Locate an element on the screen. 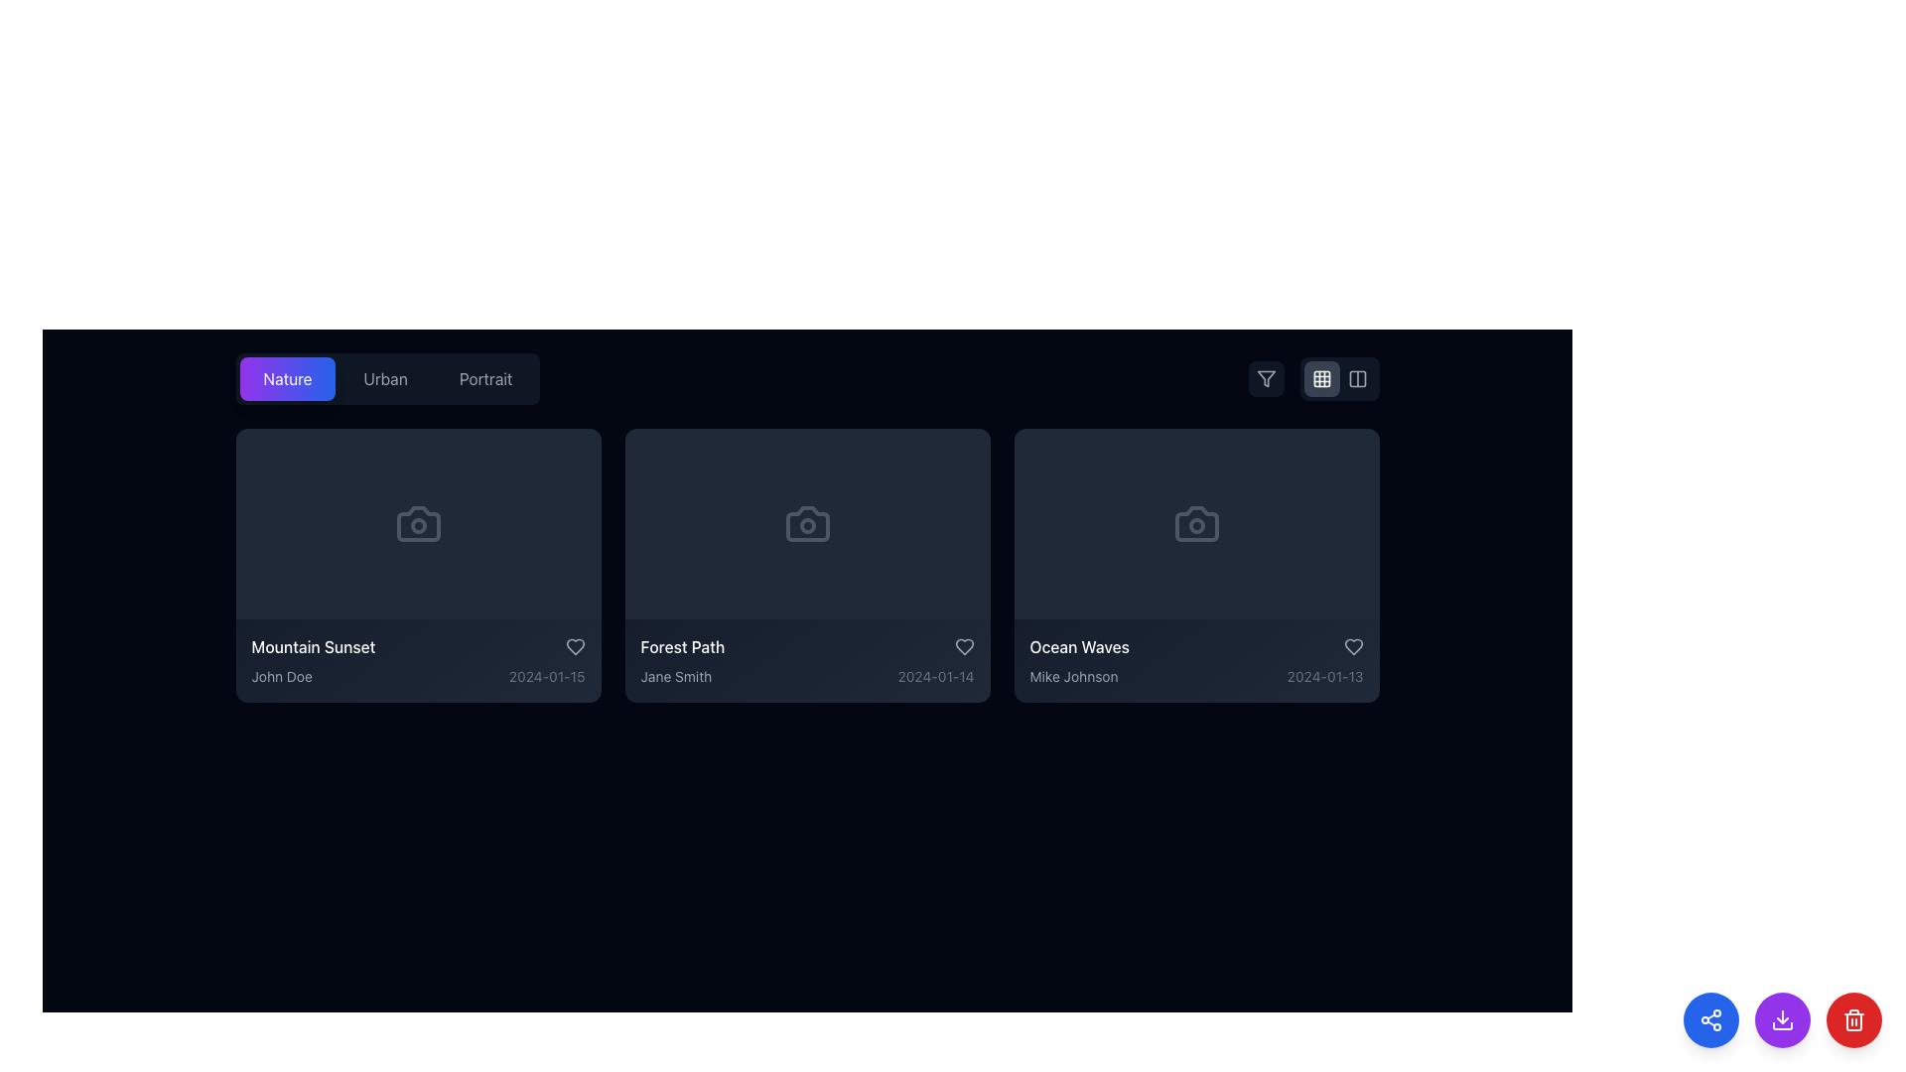  the grid layout button located at the top right corner of the user interface is located at coordinates (1321, 378).